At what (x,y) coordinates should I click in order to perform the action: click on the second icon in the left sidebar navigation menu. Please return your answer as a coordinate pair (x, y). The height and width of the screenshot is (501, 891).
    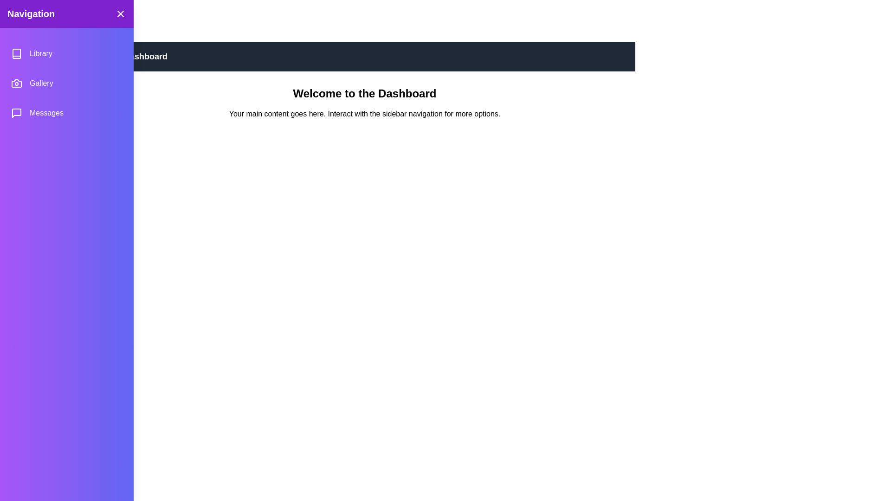
    Looking at the image, I should click on (16, 83).